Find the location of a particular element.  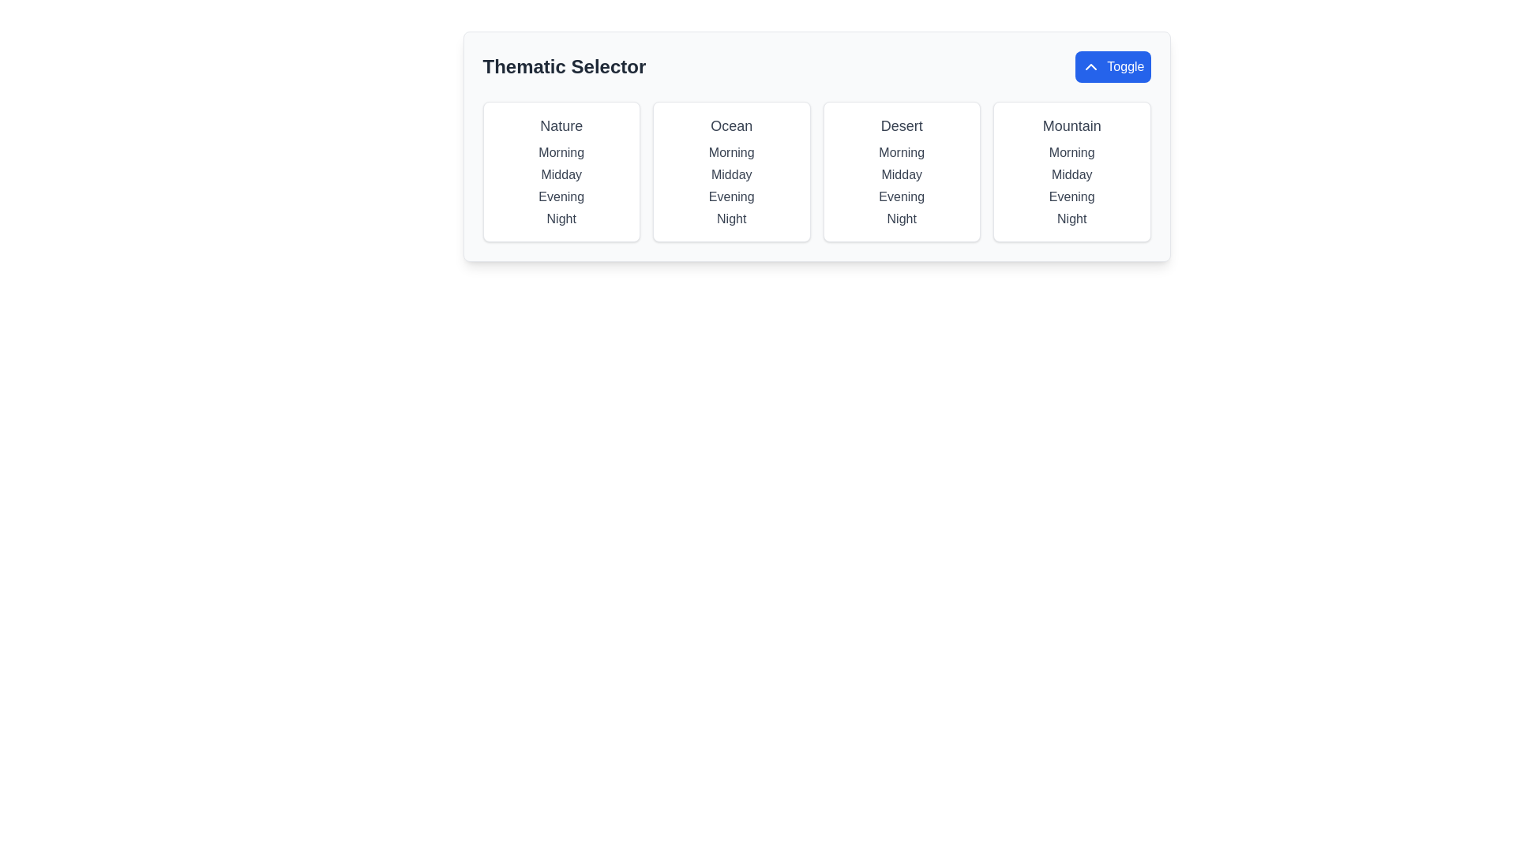

the label that indicates the time of day within the 'Mountain' category, which is the second item in the vertical list on the far right of the row of thematic categories is located at coordinates (1071, 175).